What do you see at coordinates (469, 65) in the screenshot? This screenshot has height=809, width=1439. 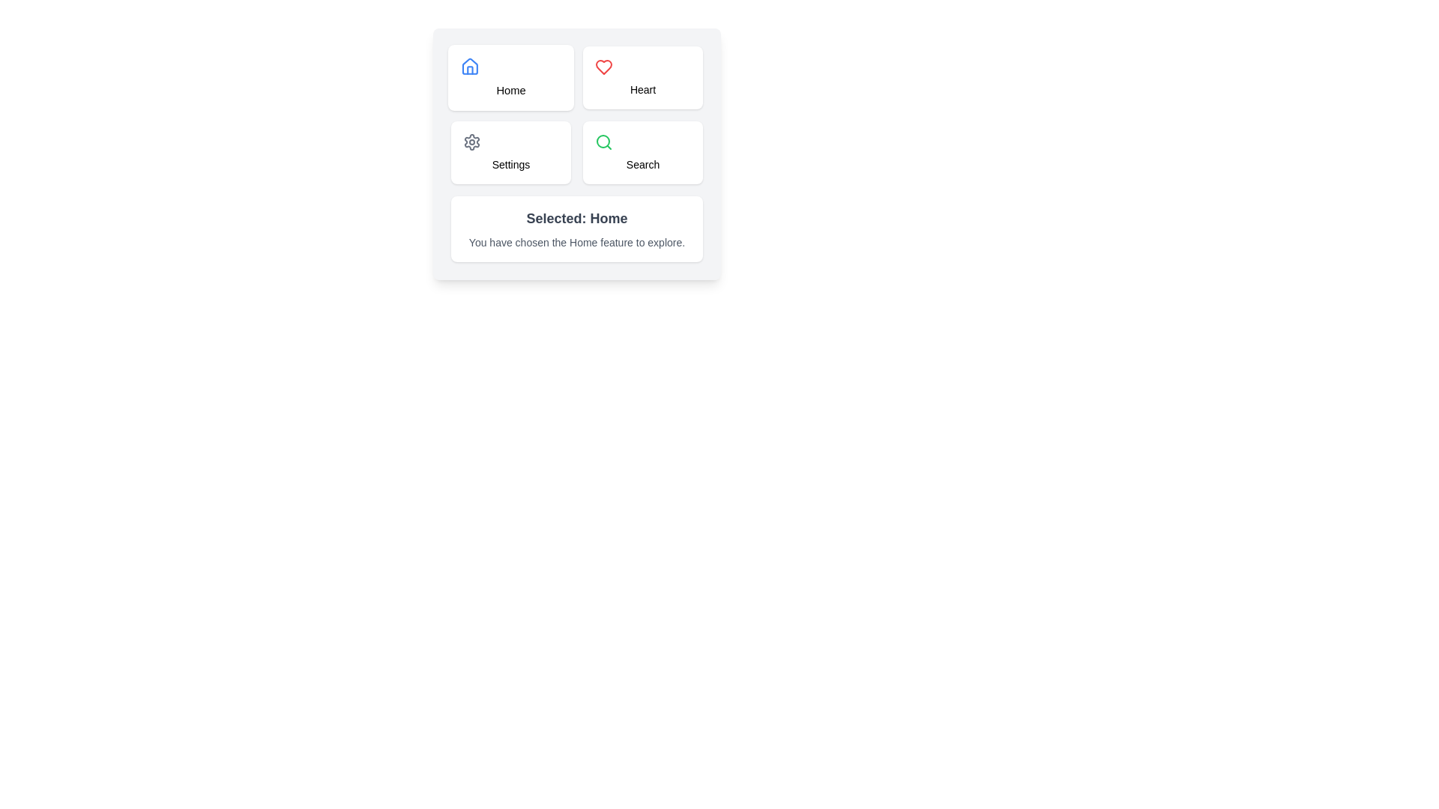 I see `the Home icon located in the top-left corner of the grid layout, above the text 'Home'` at bounding box center [469, 65].